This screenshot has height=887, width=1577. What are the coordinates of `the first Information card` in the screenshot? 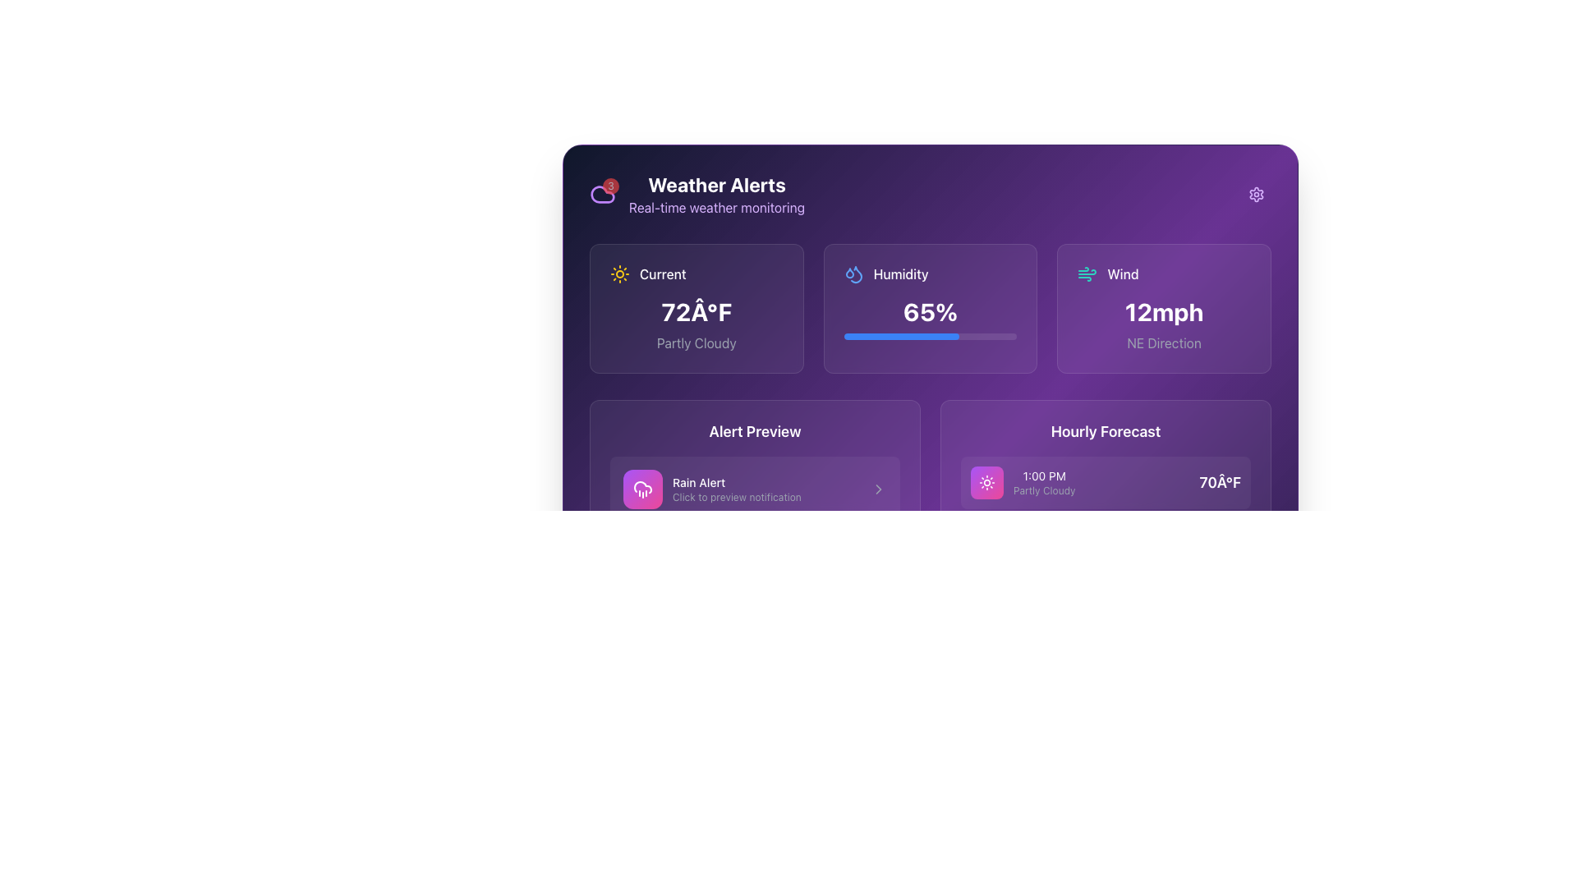 It's located at (1106, 481).